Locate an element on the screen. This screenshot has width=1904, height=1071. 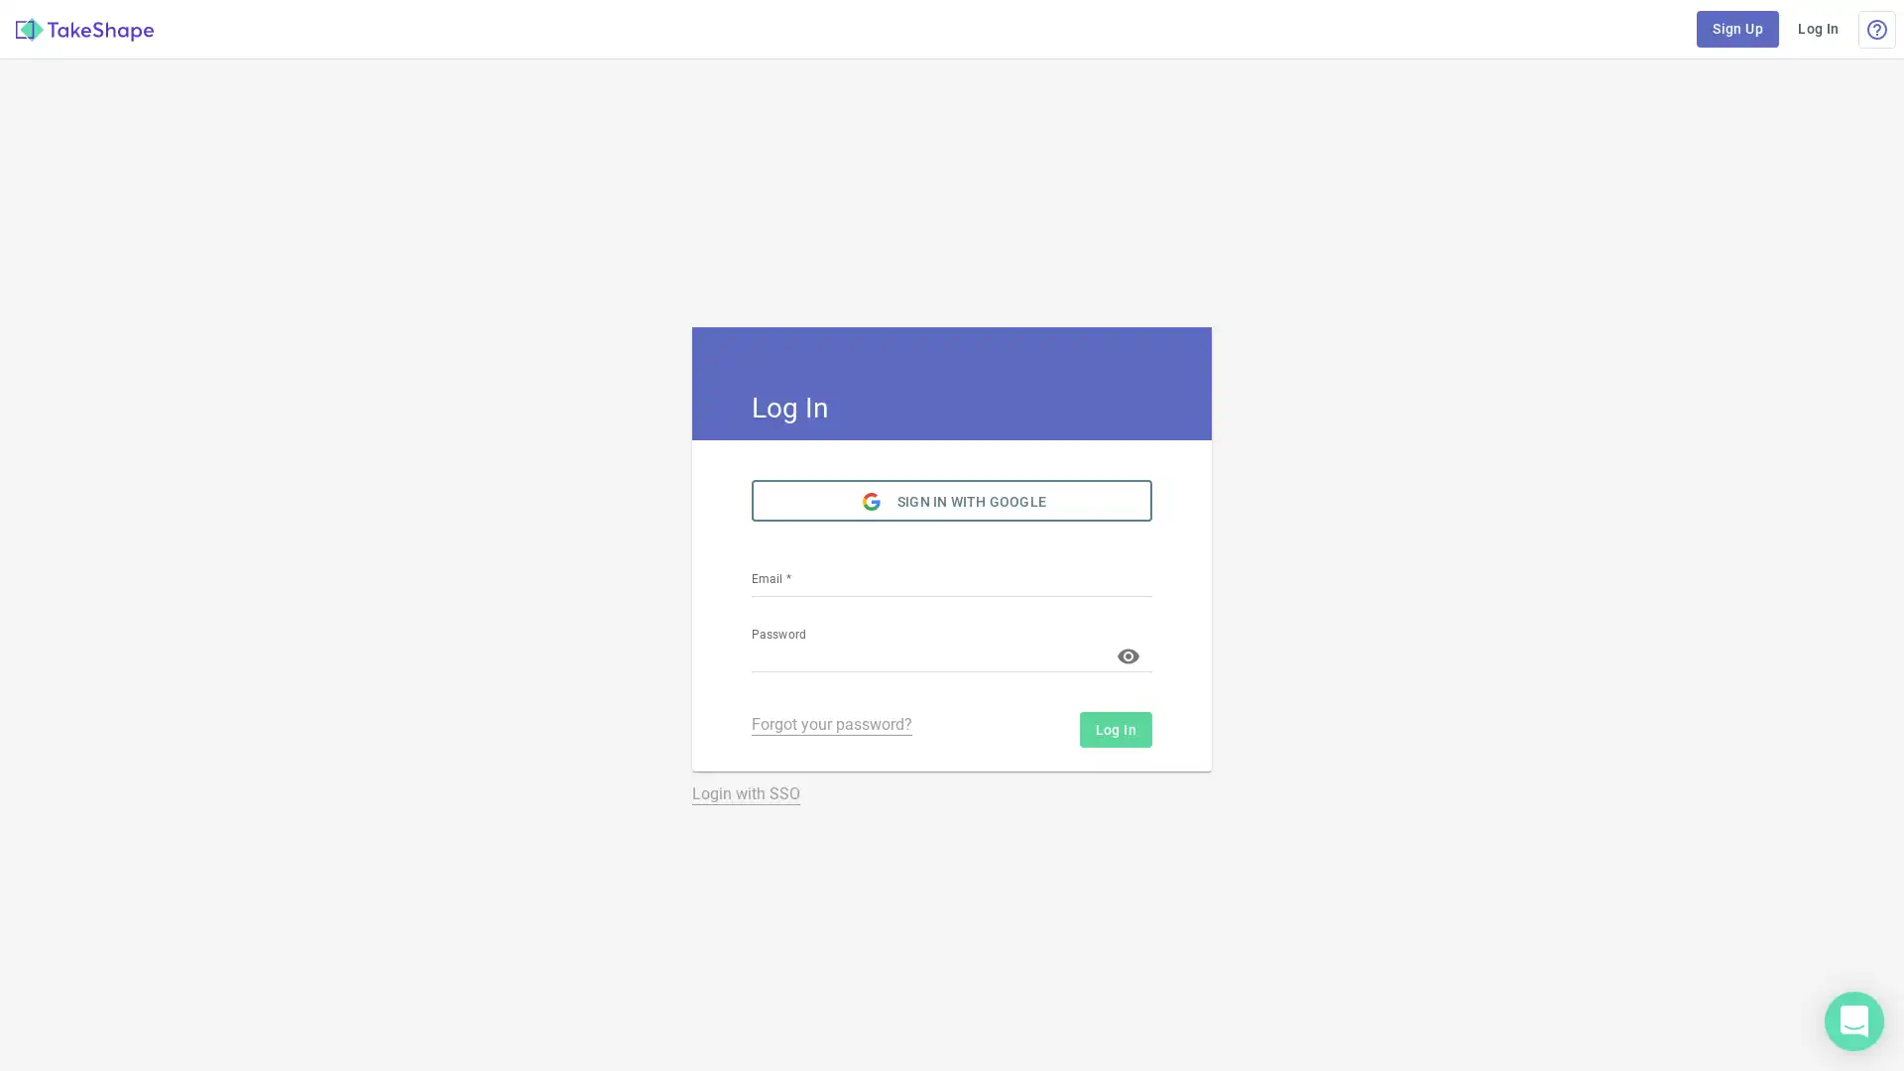
Help is located at coordinates (1875, 29).